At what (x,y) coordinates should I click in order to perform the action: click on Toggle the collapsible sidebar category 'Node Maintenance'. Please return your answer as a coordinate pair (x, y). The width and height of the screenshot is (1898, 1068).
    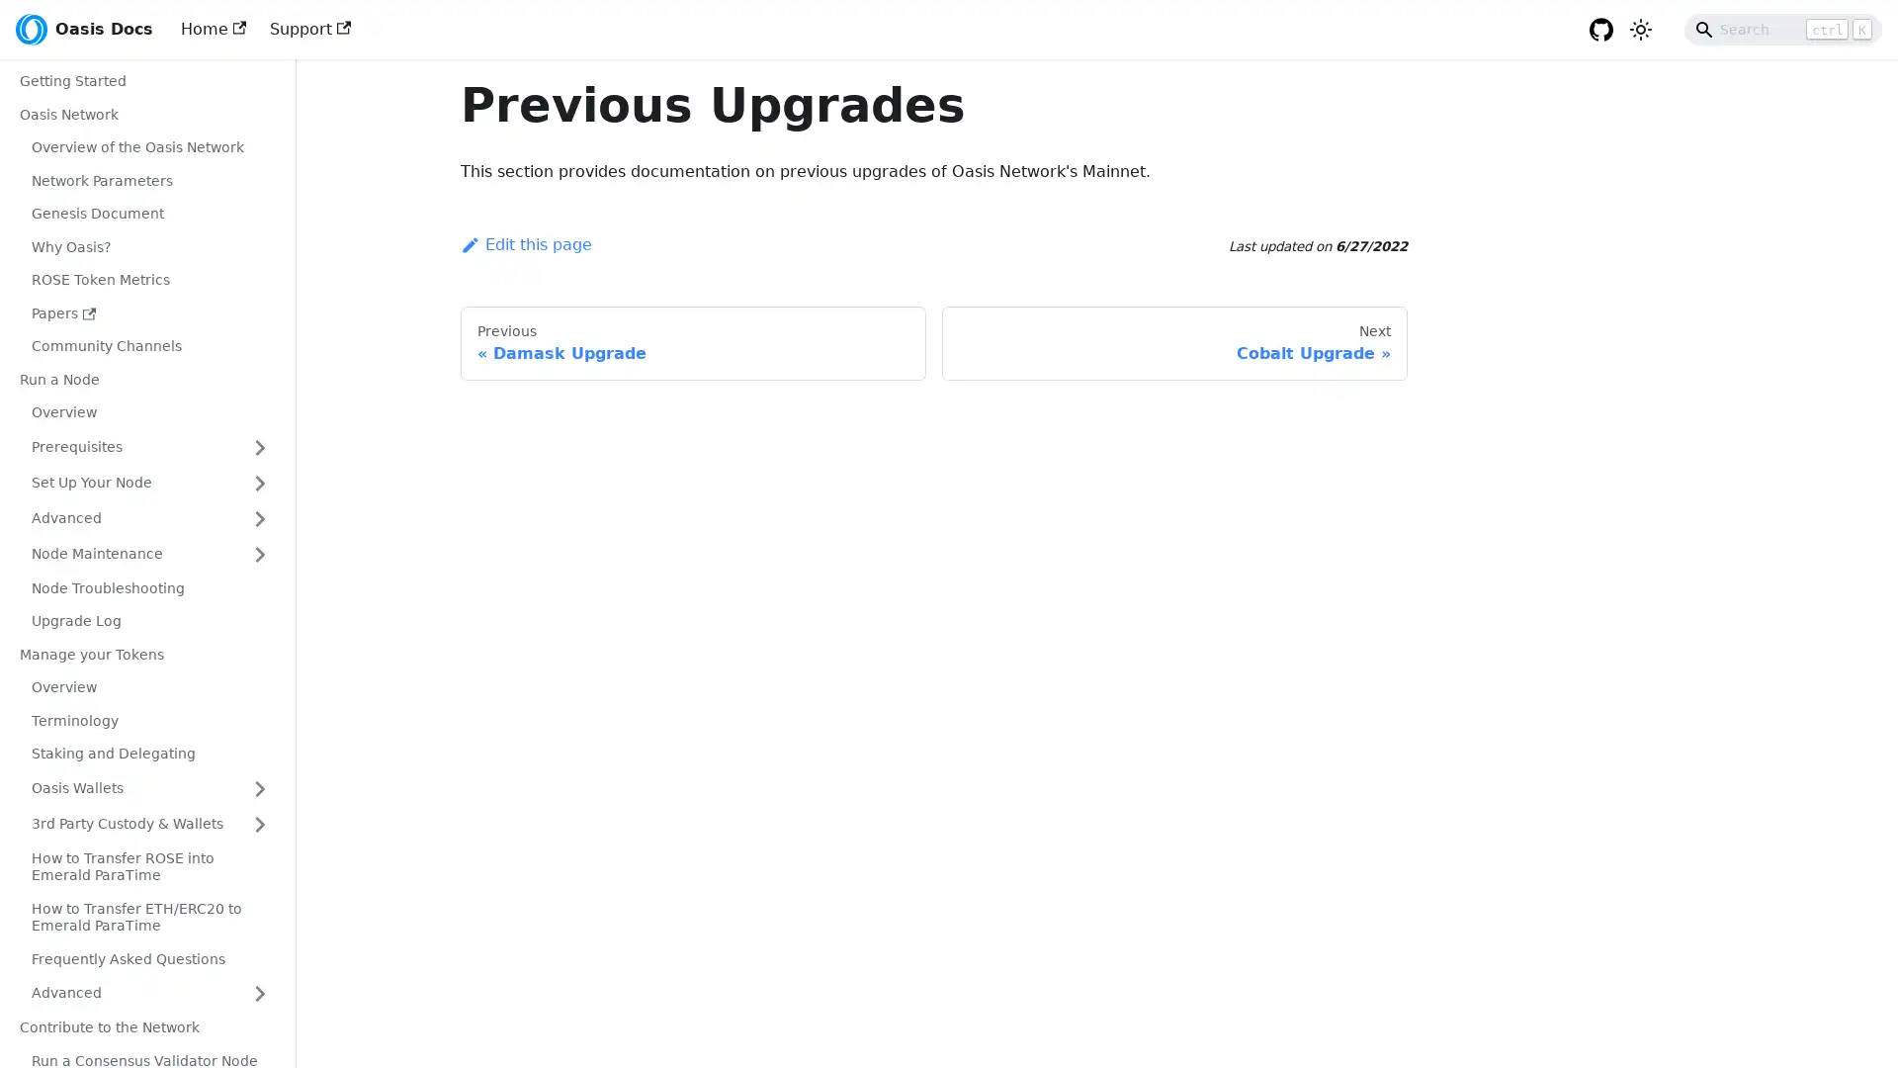
    Looking at the image, I should click on (259, 553).